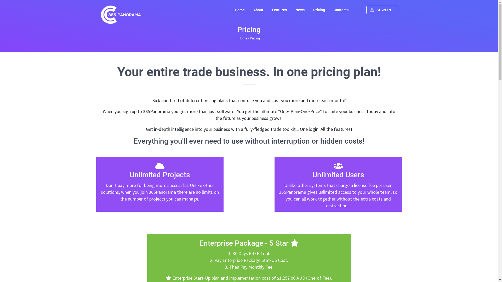 The height and width of the screenshot is (282, 502). I want to click on 'Contacts', so click(341, 10).